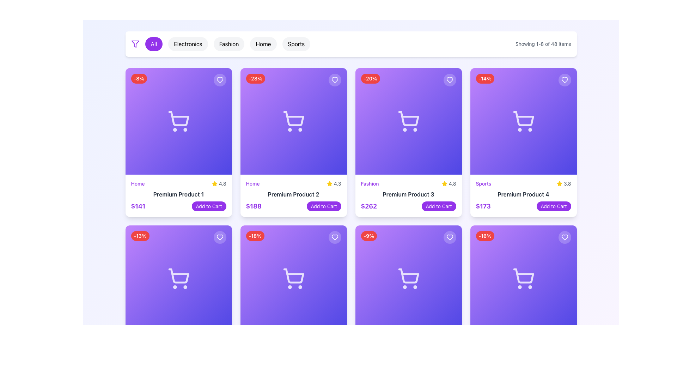  I want to click on the yellow star-shaped rating icon located at the upper-right corner of the 'Premium Product 4' card, next to the rating text '3.8', so click(559, 183).